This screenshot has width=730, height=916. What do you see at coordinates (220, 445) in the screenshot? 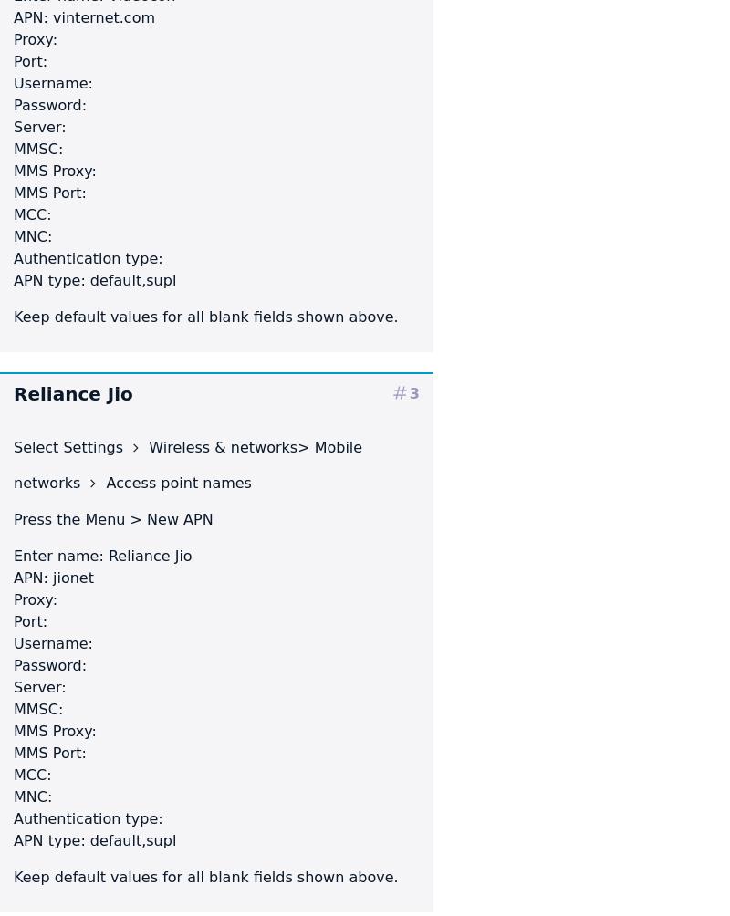
I see `'Wireless & networks'` at bounding box center [220, 445].